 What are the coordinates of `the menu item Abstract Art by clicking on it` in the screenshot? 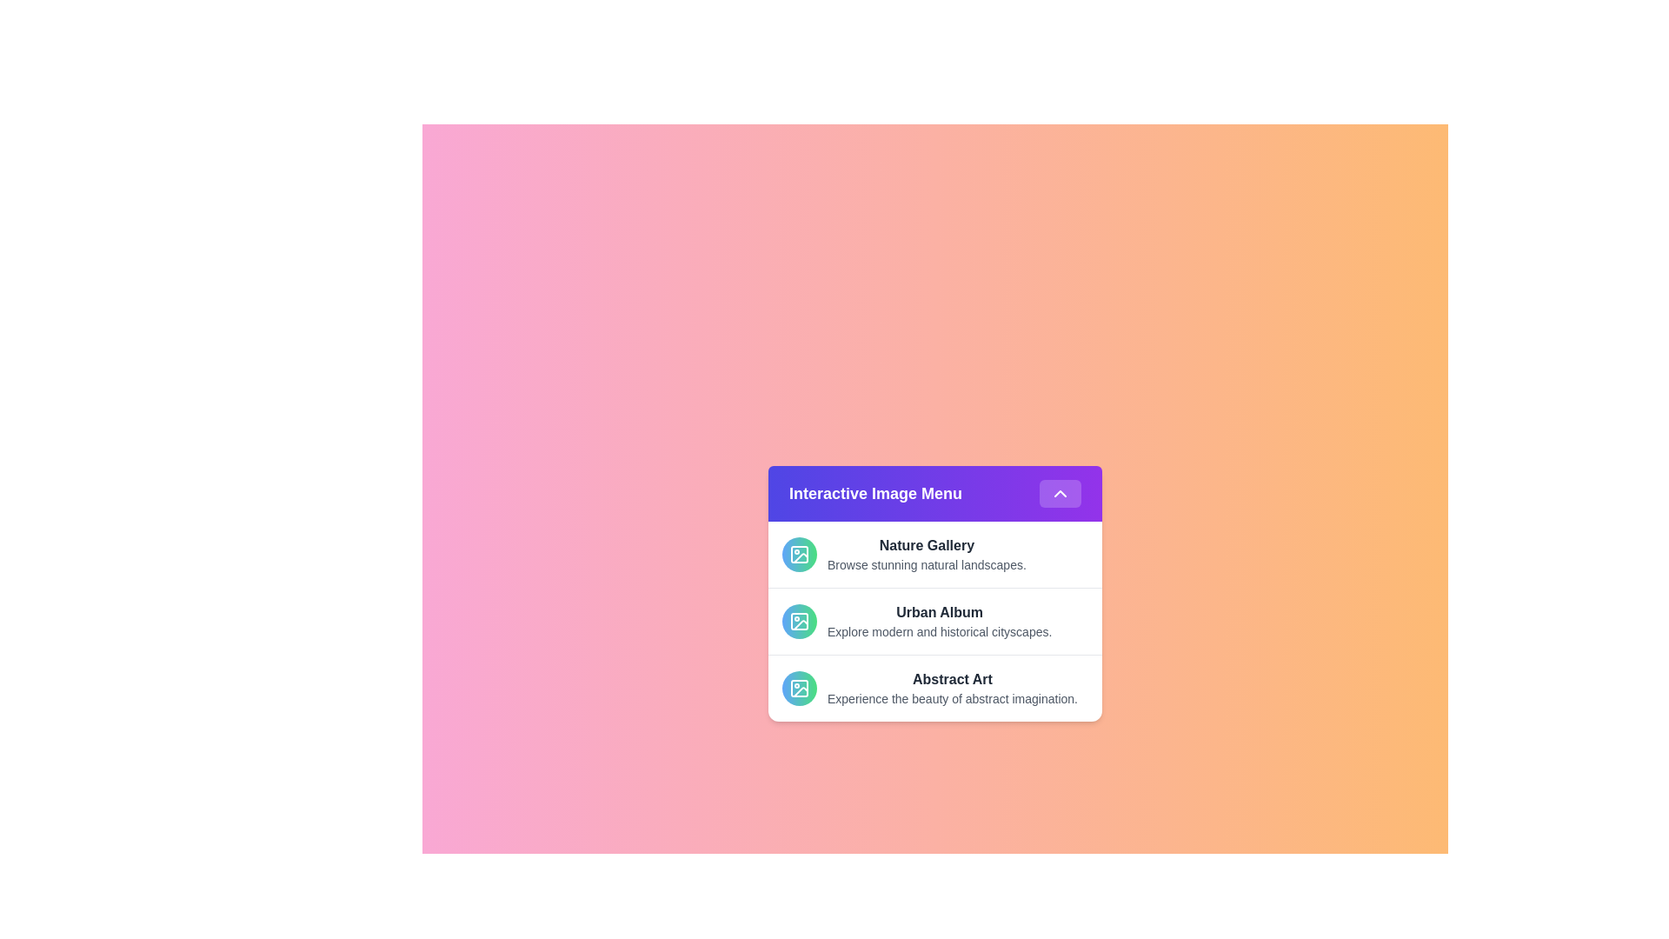 It's located at (934, 686).